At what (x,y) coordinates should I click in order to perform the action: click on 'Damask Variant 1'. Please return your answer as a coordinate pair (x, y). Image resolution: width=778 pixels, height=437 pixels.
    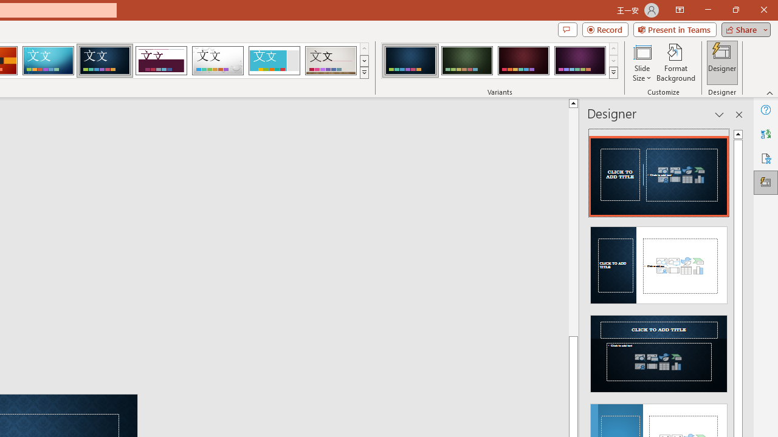
    Looking at the image, I should click on (410, 61).